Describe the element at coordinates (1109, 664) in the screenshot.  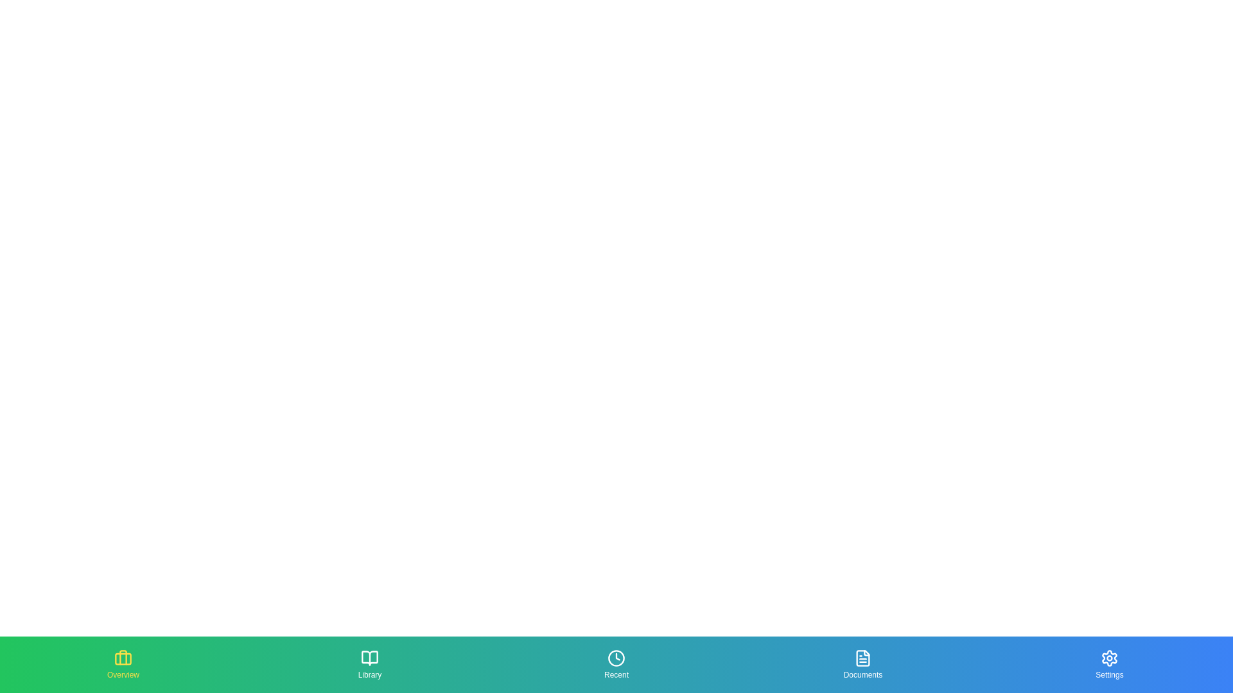
I see `the button corresponding to the Settings section` at that location.